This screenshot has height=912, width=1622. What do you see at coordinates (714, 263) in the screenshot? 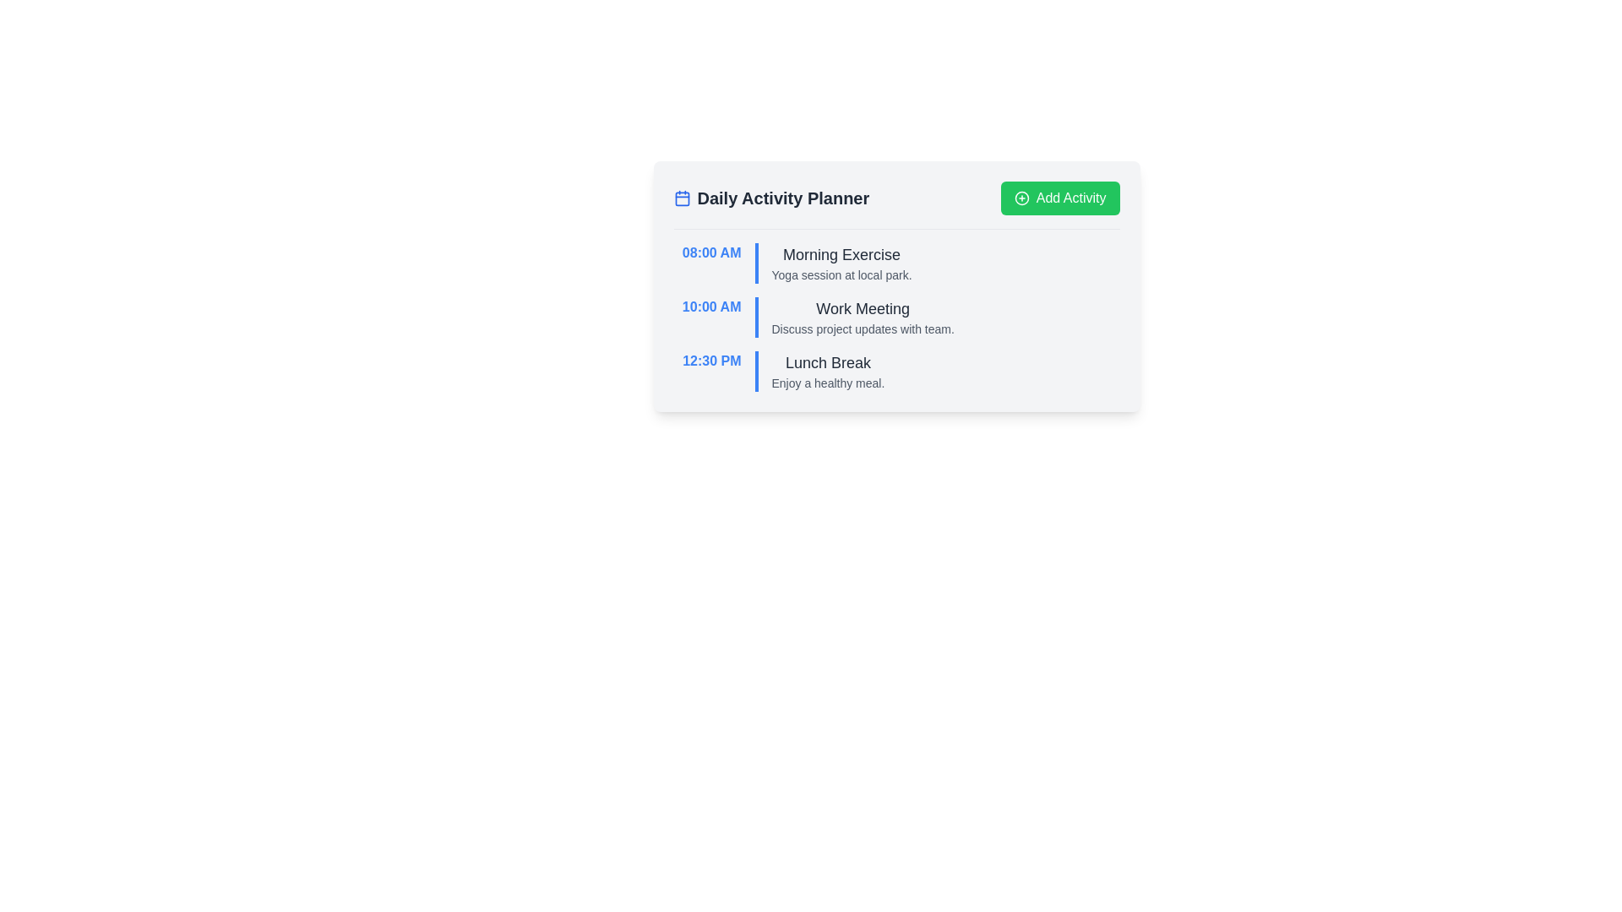
I see `the time indicator for the activity scheduled at 8:00 AM, which is the first of three time indications in the upper left part of the daily schedule interface` at bounding box center [714, 263].